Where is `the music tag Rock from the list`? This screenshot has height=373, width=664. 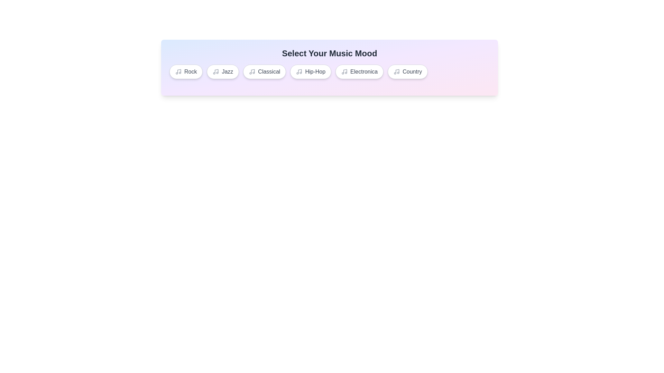 the music tag Rock from the list is located at coordinates (186, 72).